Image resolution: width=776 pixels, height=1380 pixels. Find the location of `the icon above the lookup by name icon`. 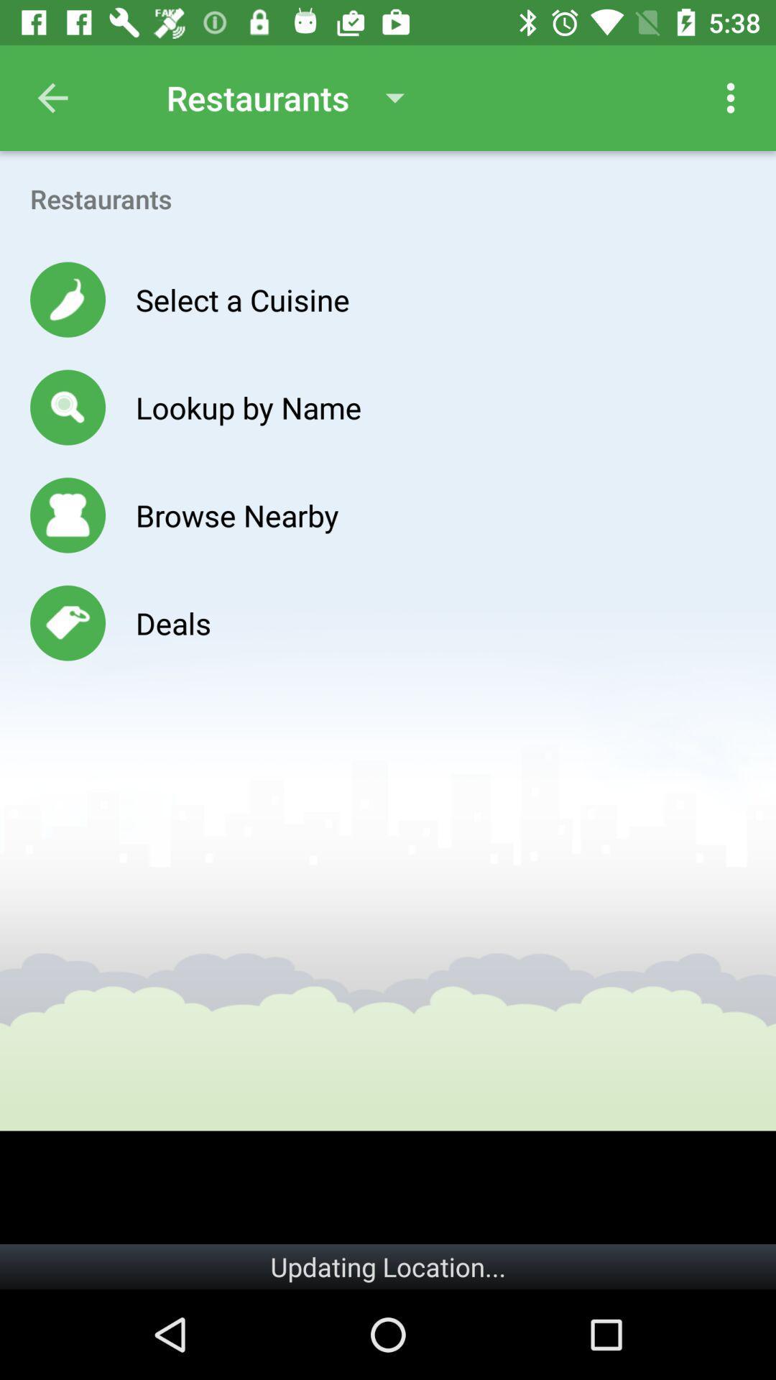

the icon above the lookup by name icon is located at coordinates (241, 299).